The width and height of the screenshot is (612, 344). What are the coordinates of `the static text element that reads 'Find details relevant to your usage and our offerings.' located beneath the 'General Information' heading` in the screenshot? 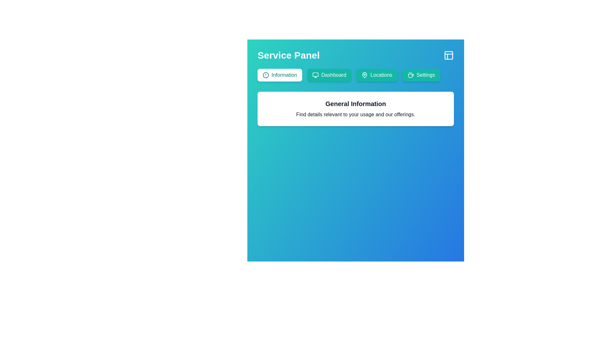 It's located at (355, 114).